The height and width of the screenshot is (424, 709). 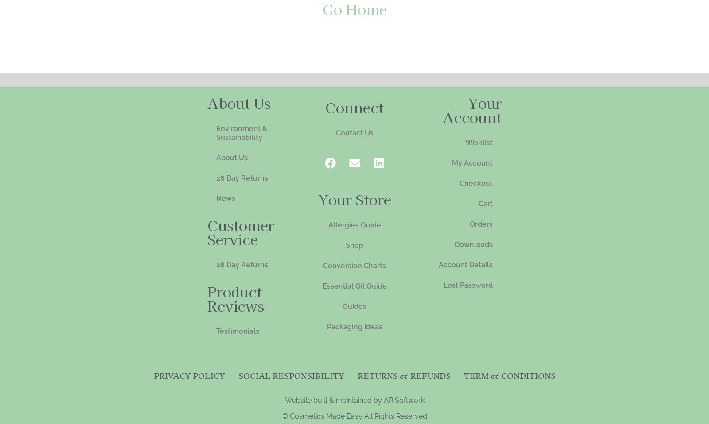 I want to click on 'Returns & Refunds', so click(x=403, y=375).